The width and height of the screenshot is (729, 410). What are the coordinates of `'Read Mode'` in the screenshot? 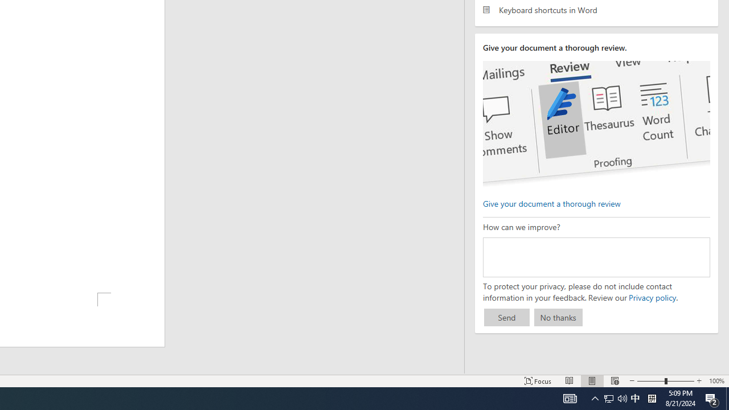 It's located at (570, 381).